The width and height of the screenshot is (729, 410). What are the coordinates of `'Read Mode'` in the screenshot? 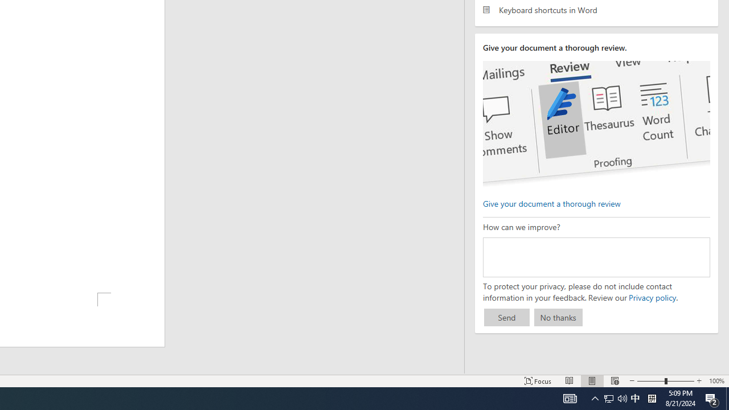 It's located at (570, 381).